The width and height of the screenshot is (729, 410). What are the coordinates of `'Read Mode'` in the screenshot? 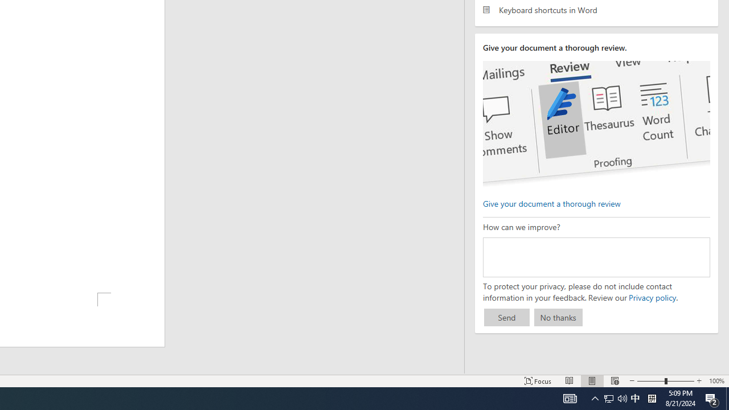 It's located at (570, 381).